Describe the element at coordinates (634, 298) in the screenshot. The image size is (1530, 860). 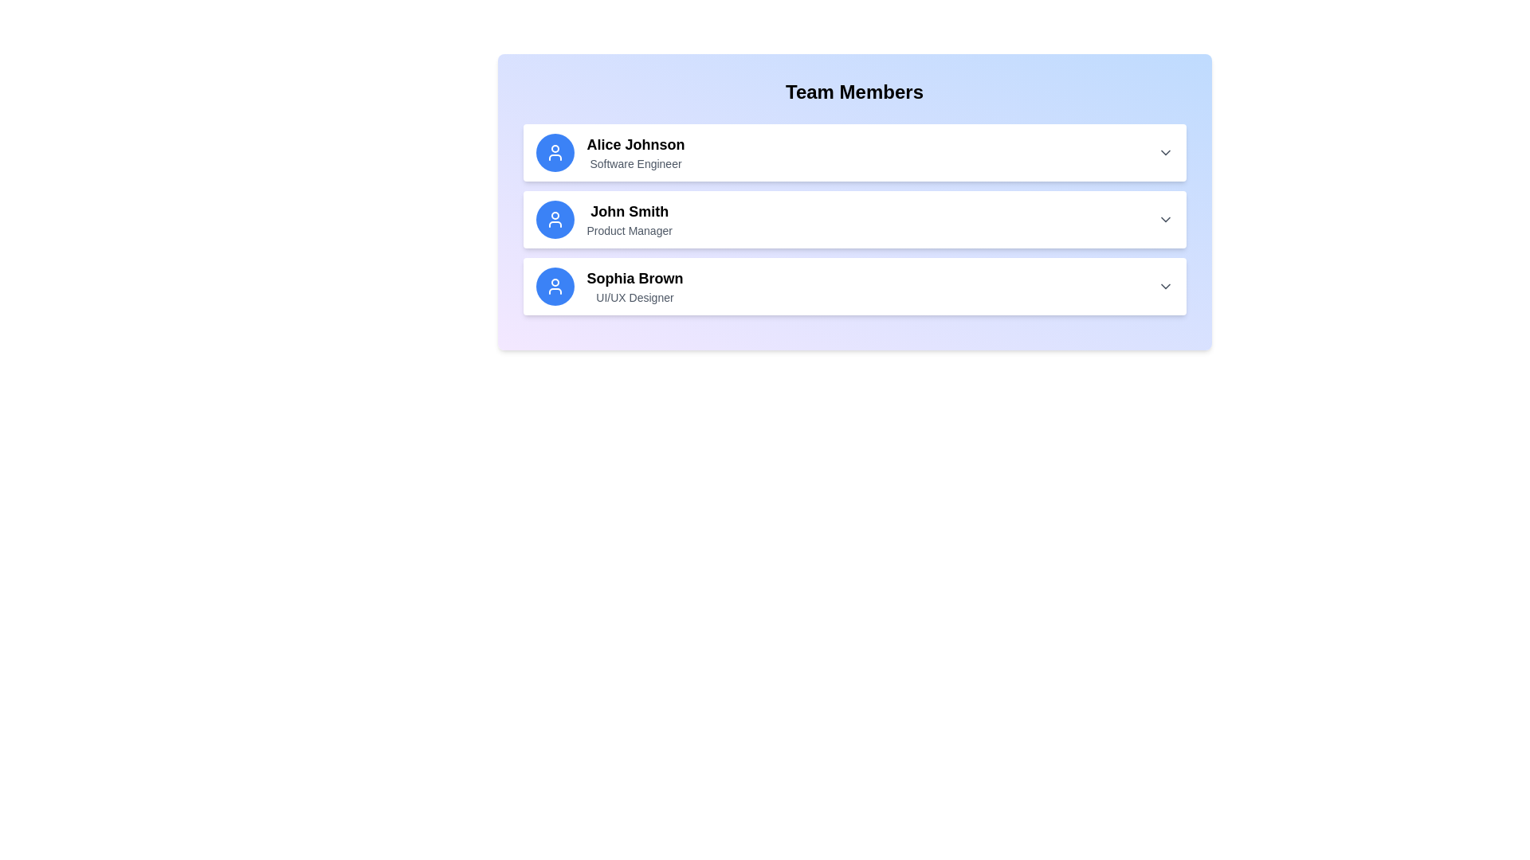
I see `the text label displaying the role 'UI/UX Designer' for the individual 'Sophia Brown', located in the third entry of the 'Team Members' list` at that location.